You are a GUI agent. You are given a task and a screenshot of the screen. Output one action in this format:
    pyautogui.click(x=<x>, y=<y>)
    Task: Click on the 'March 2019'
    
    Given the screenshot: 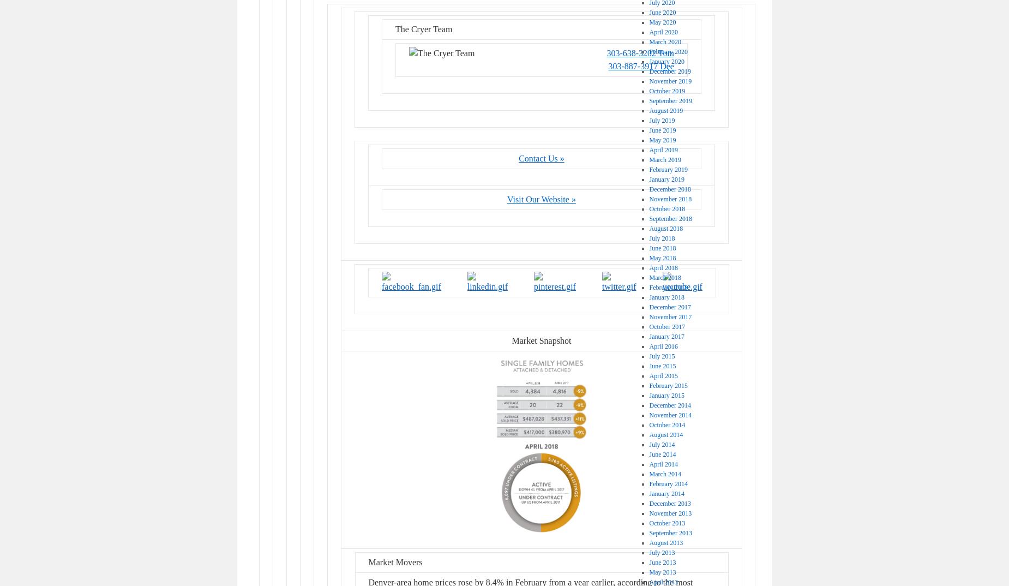 What is the action you would take?
    pyautogui.click(x=664, y=159)
    